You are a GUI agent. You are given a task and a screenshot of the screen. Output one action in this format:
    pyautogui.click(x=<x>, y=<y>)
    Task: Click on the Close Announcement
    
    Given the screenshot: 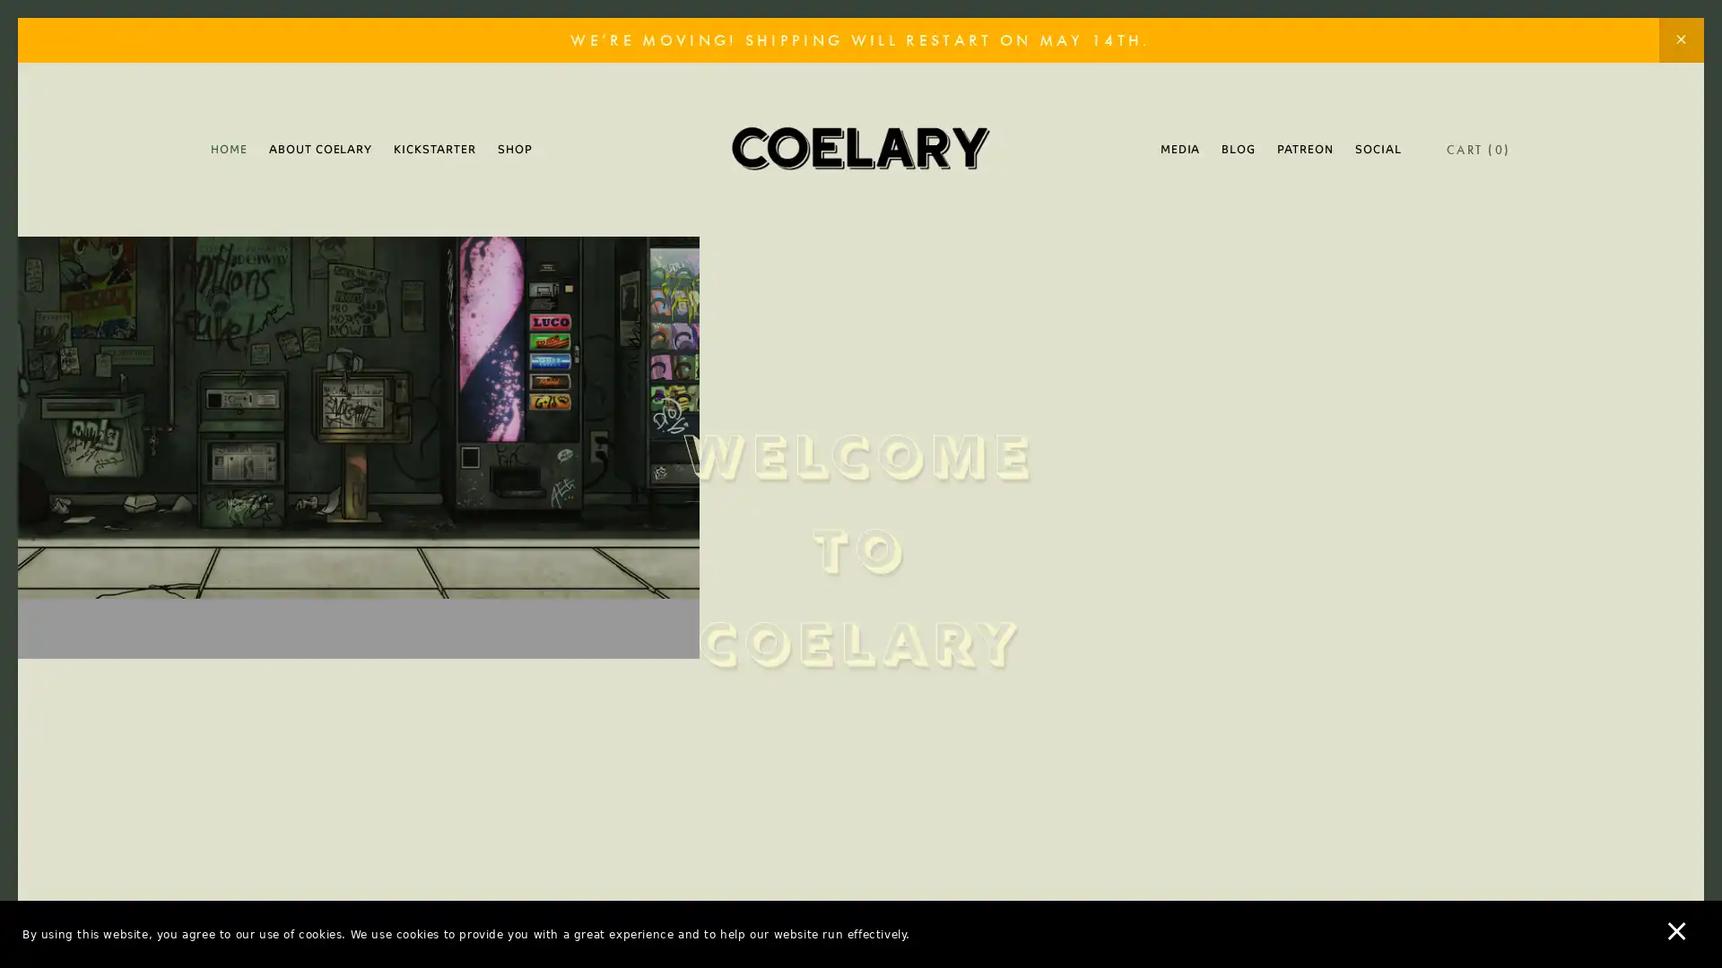 What is the action you would take?
    pyautogui.click(x=1680, y=40)
    